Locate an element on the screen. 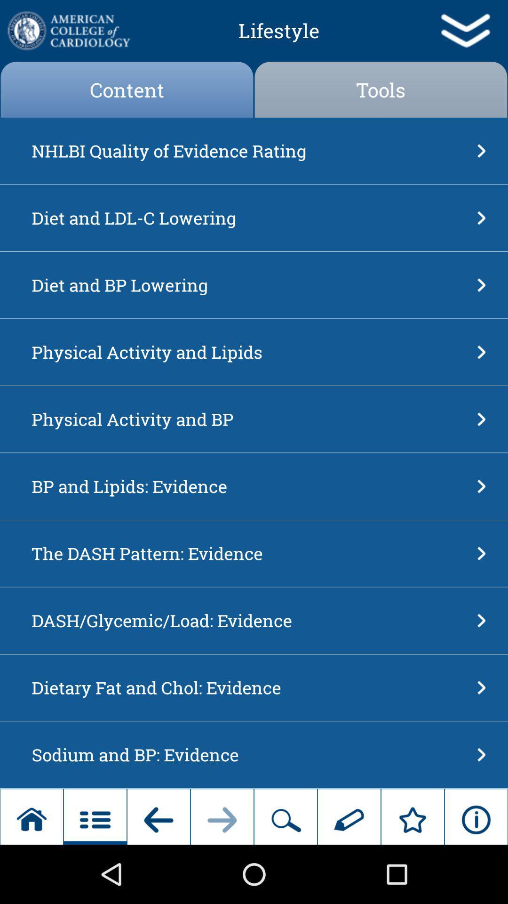 The width and height of the screenshot is (508, 904). the item next to the tools is located at coordinates (127, 89).